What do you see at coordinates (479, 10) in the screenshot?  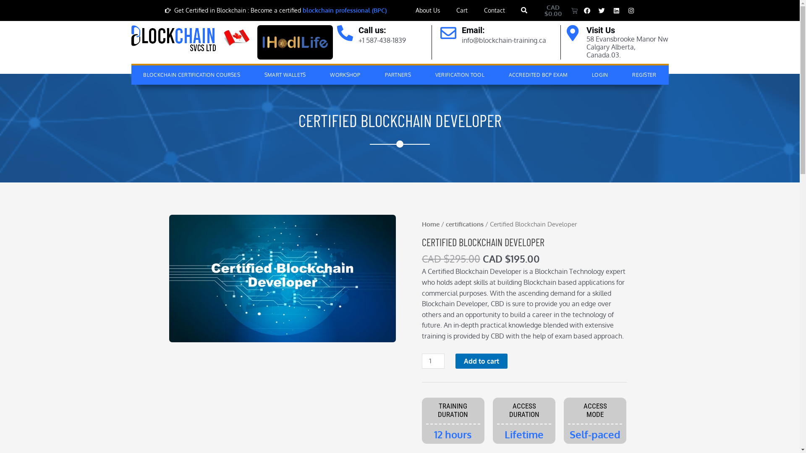 I see `'Contact'` at bounding box center [479, 10].